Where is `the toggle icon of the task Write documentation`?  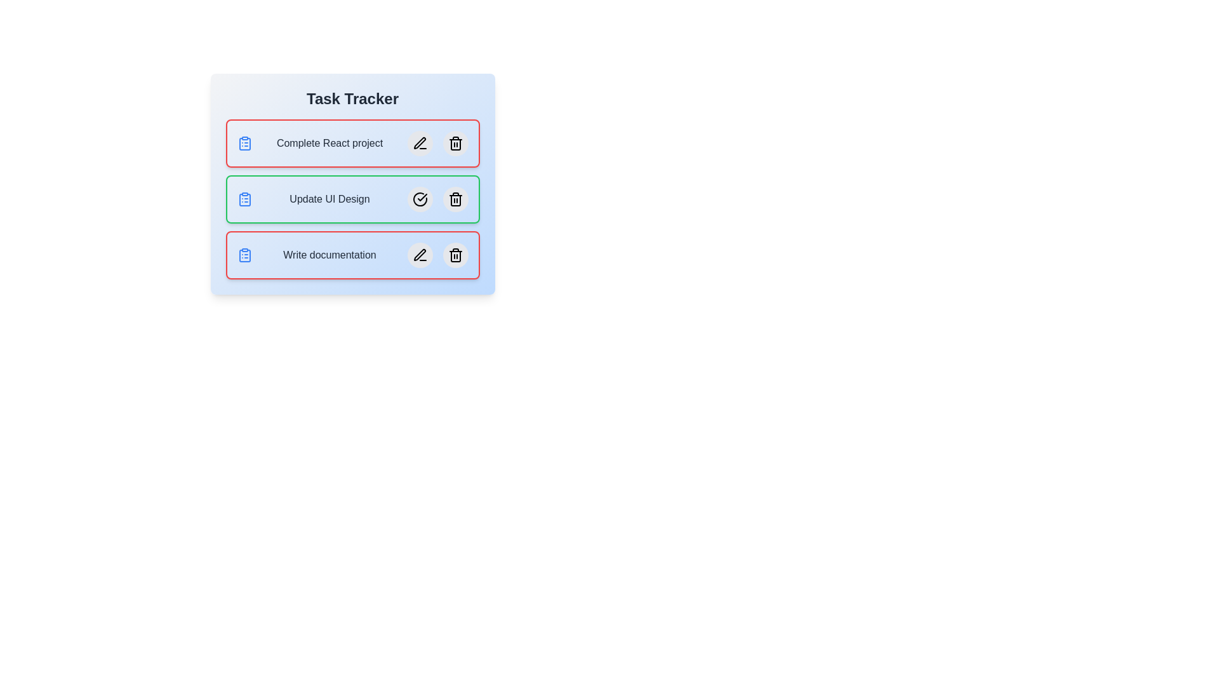
the toggle icon of the task Write documentation is located at coordinates (244, 255).